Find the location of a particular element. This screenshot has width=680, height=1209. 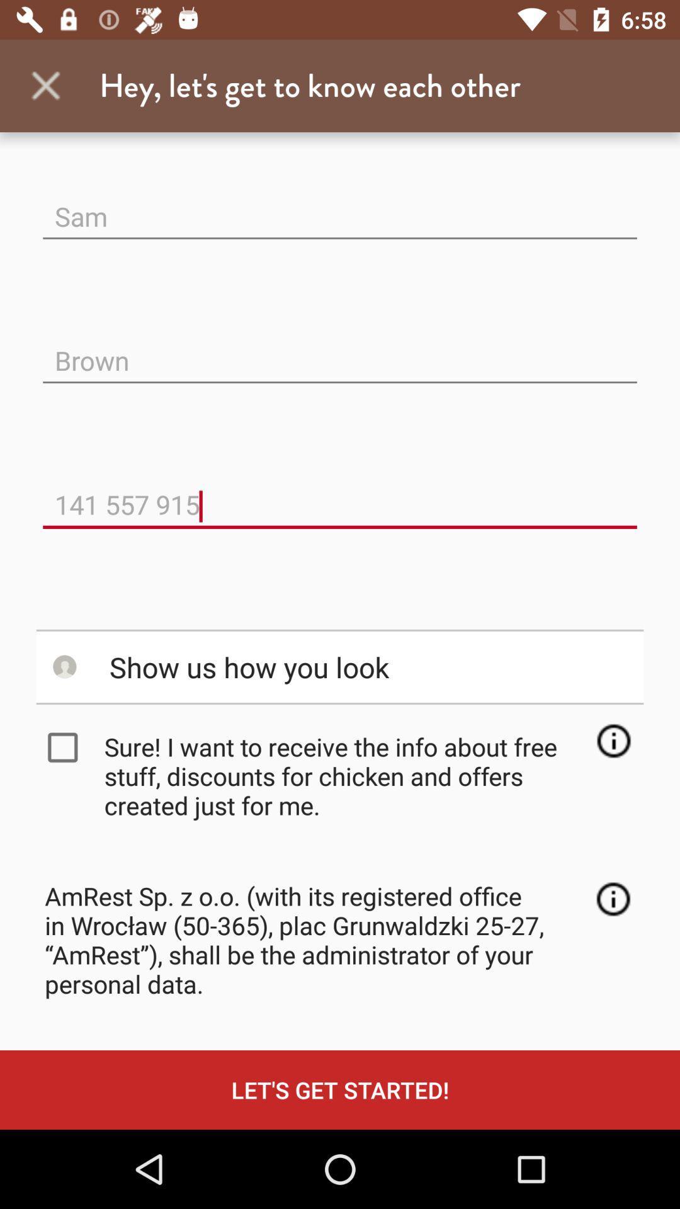

icon to the left of the hey let s app is located at coordinates (45, 85).